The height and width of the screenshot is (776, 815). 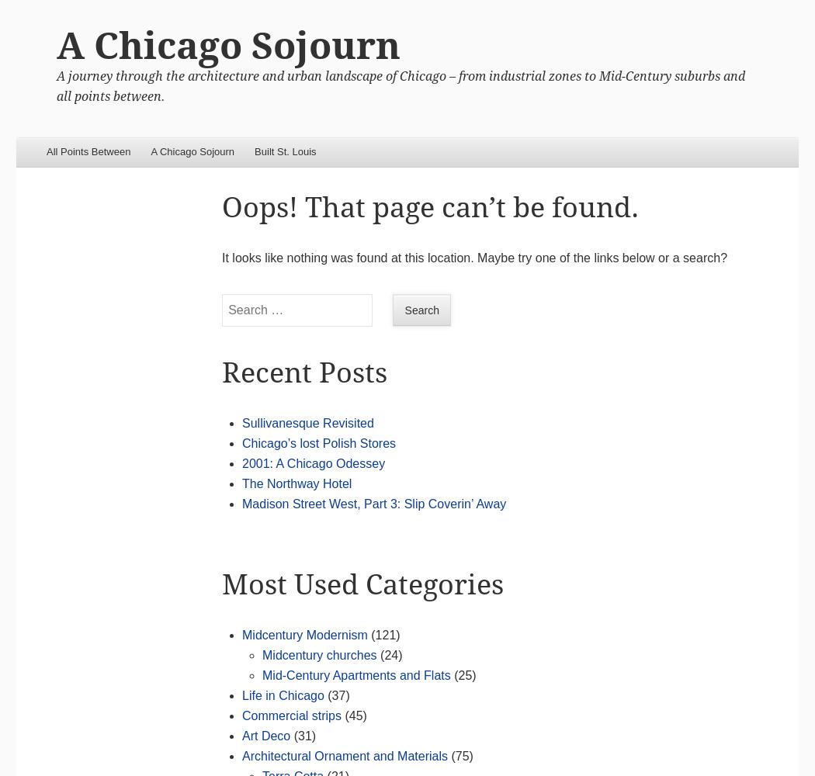 I want to click on 'Sullivanesque Revisited', so click(x=241, y=422).